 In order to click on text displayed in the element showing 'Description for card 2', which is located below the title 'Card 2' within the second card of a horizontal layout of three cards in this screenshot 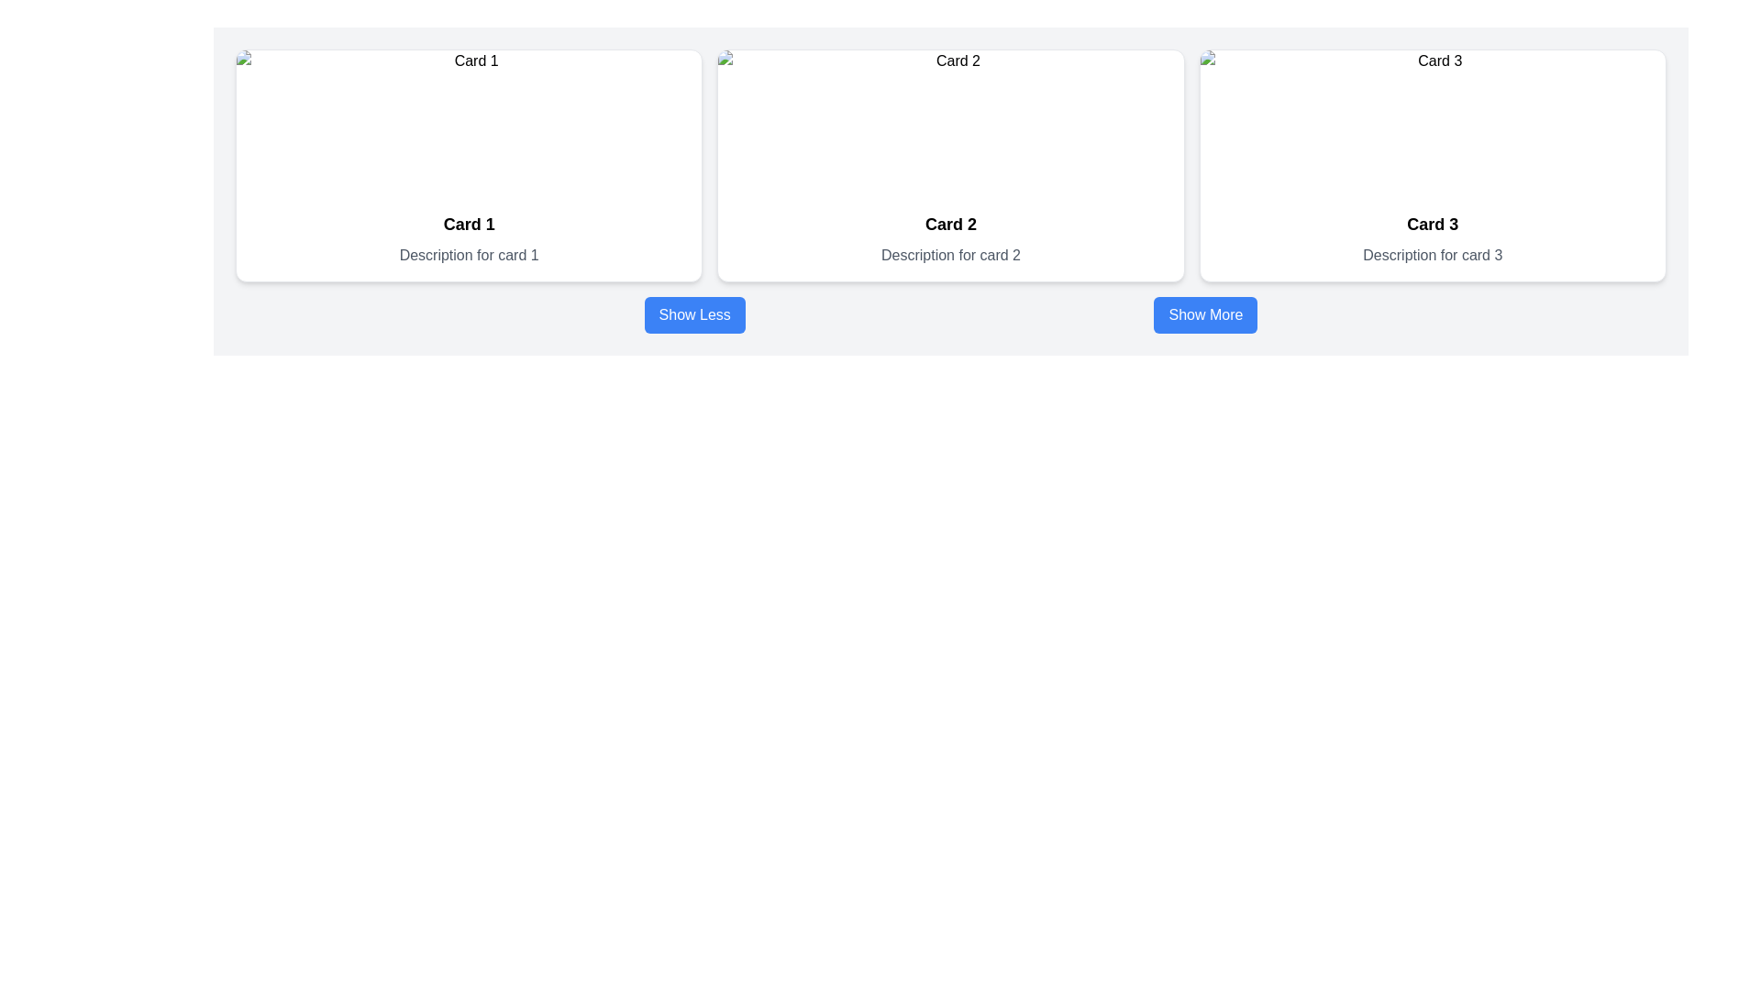, I will do `click(950, 255)`.